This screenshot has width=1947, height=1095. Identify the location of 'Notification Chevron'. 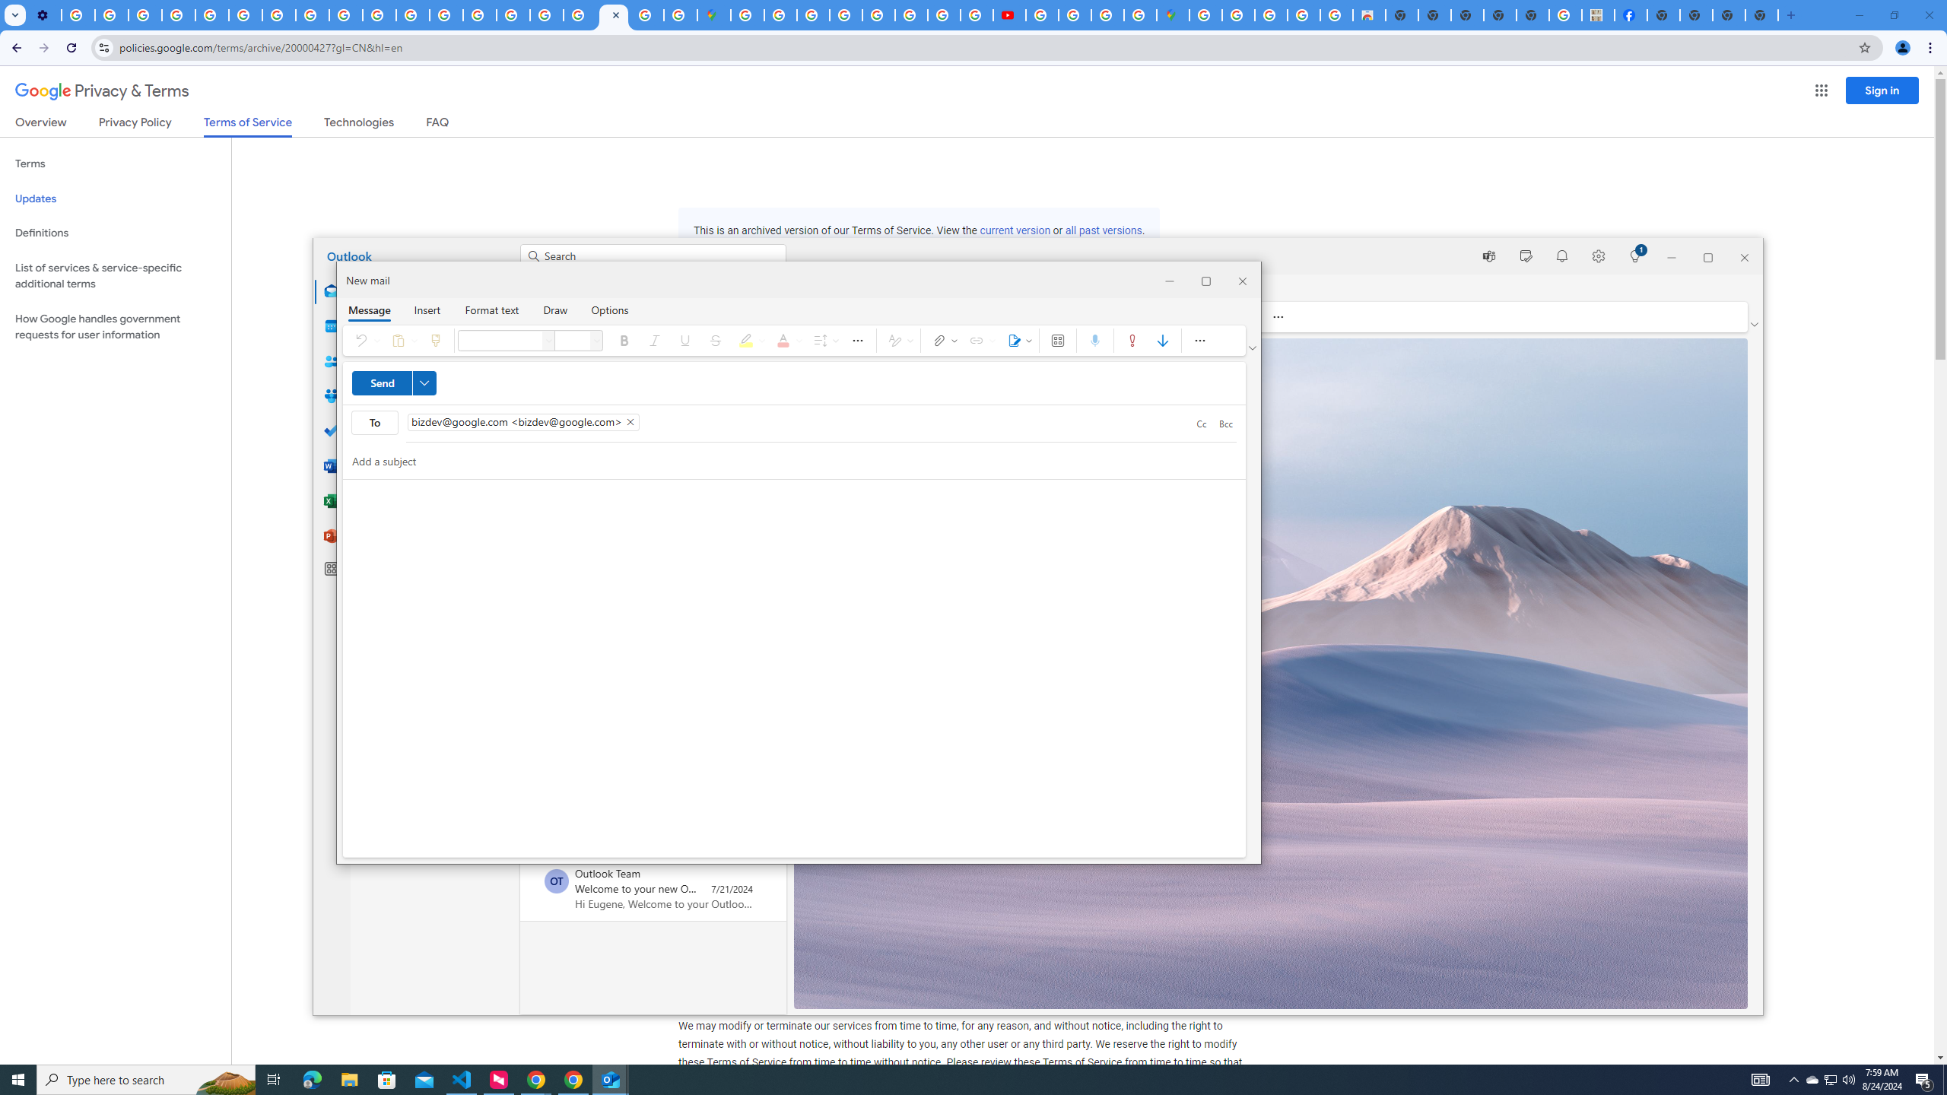
(1794, 1078).